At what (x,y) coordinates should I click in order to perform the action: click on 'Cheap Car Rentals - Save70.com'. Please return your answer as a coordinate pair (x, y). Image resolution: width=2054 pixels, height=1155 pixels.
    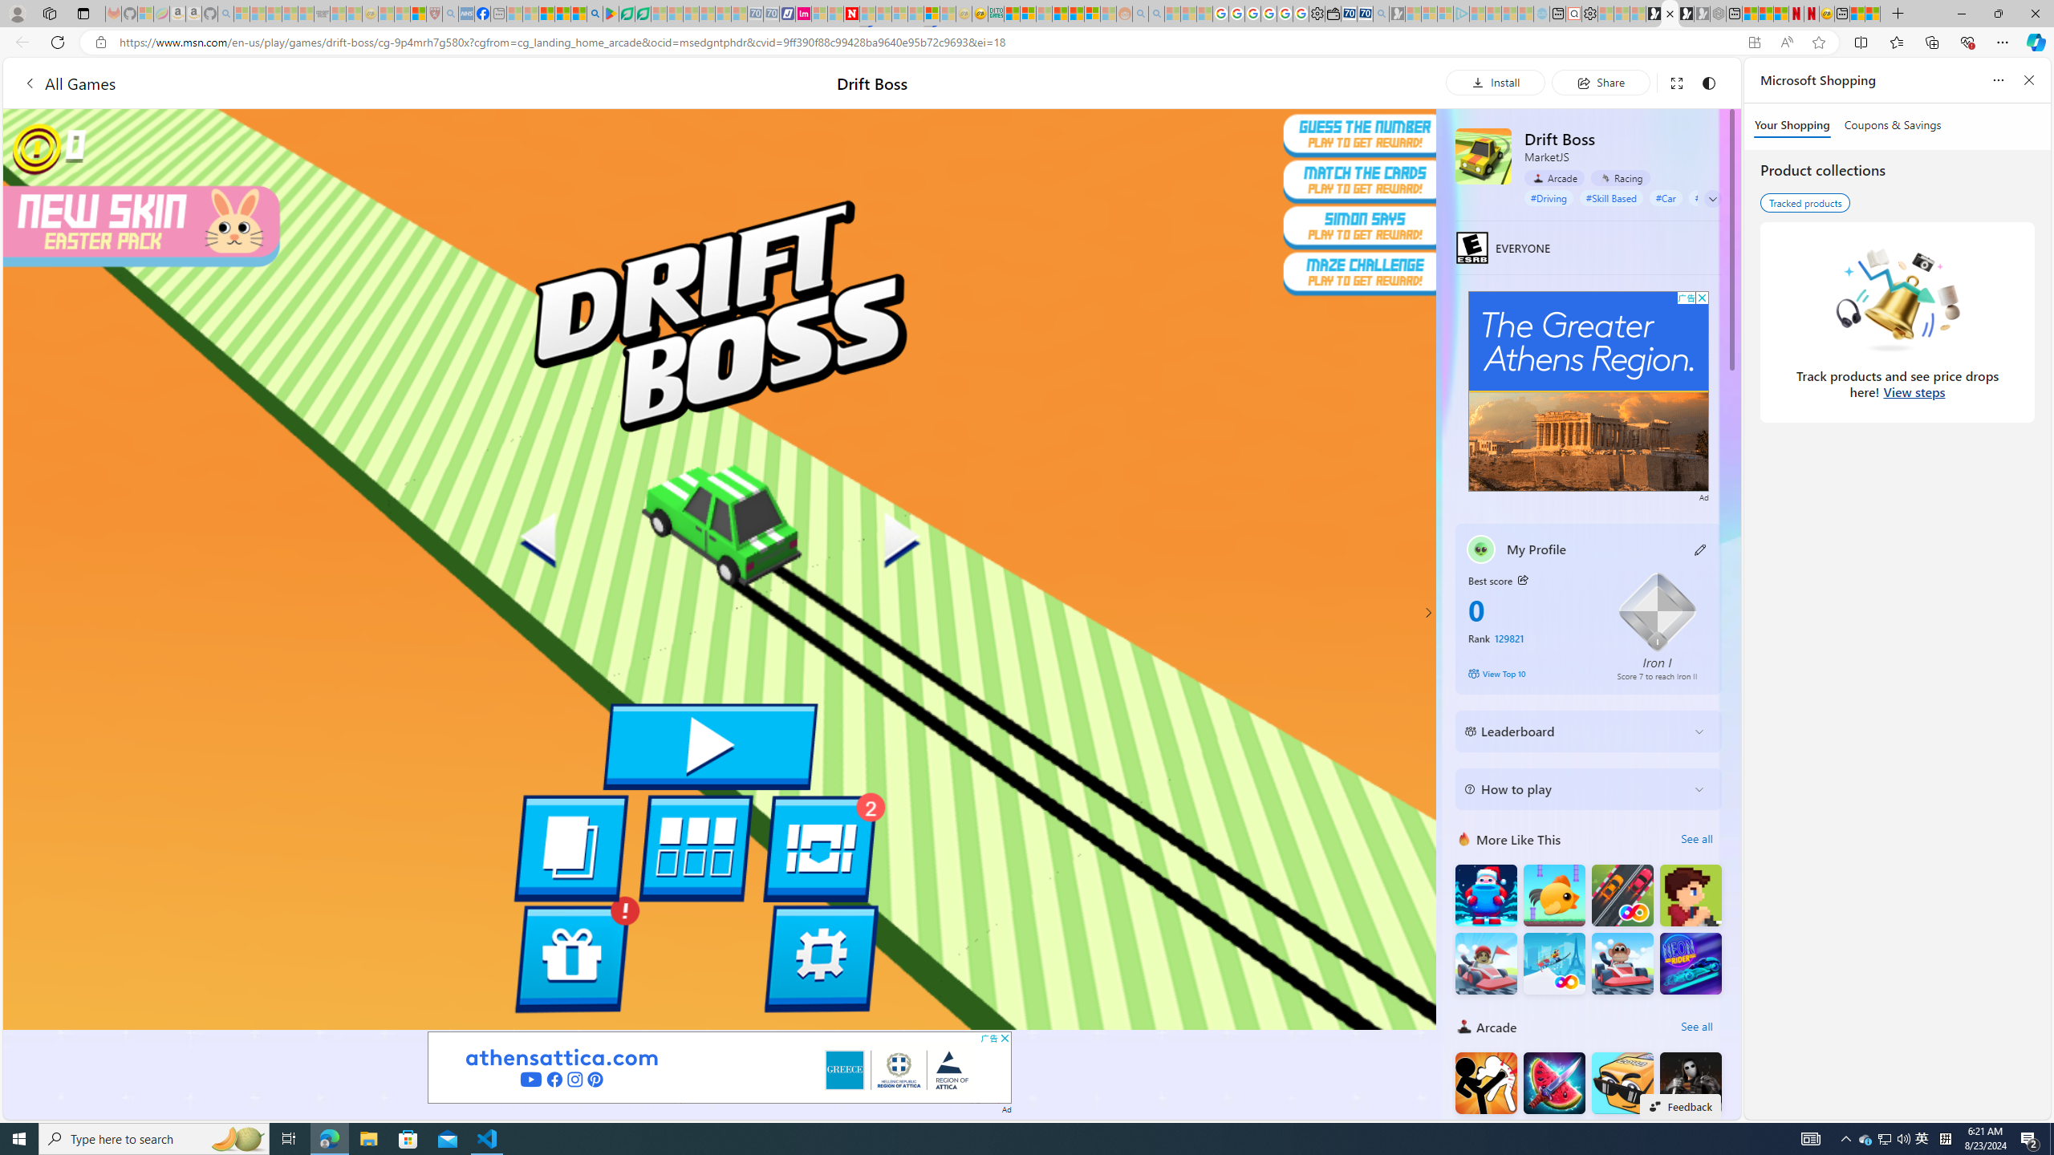
    Looking at the image, I should click on (1364, 13).